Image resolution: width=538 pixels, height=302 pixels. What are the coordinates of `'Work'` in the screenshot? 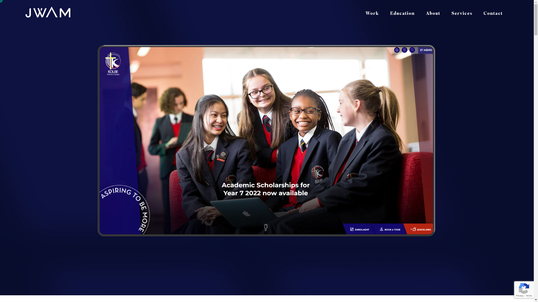 It's located at (372, 12).